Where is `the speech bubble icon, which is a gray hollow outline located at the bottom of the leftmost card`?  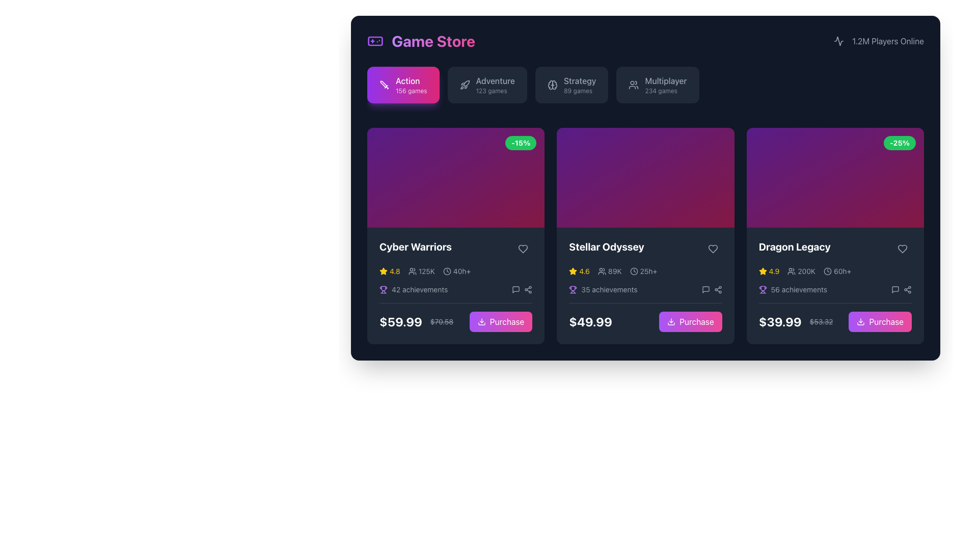 the speech bubble icon, which is a gray hollow outline located at the bottom of the leftmost card is located at coordinates (516, 289).